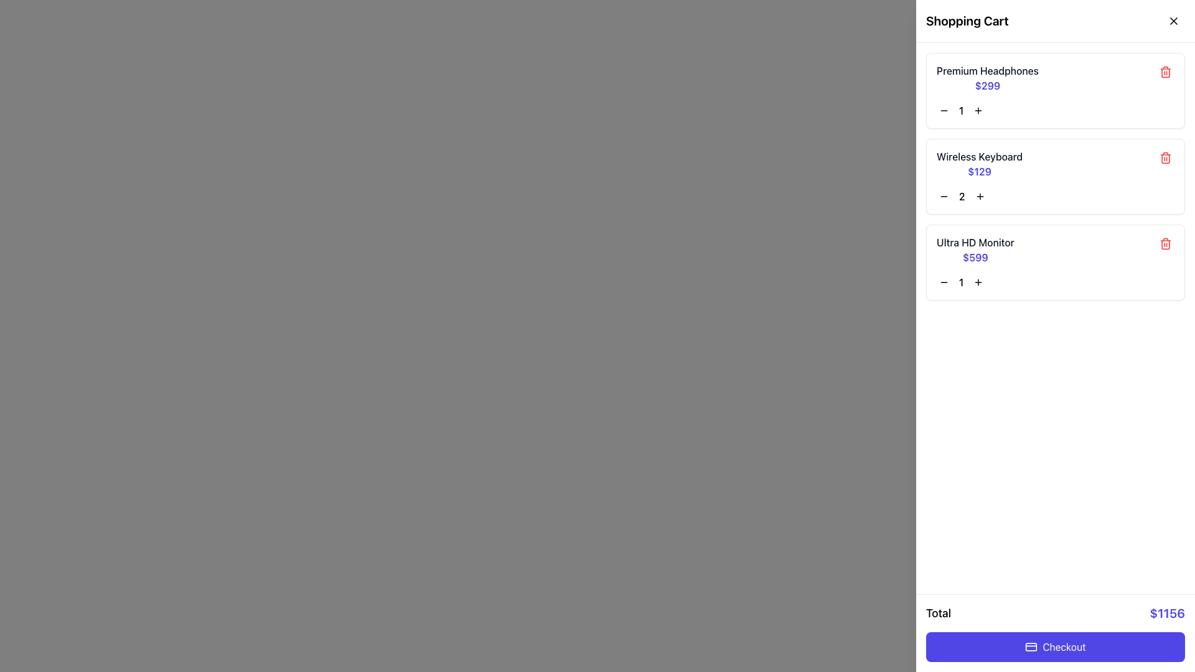  I want to click on the circular button with a minus icon ('-') to decrease the quantity of the 'Premium Headphones' item in the shopping cart, so click(944, 110).